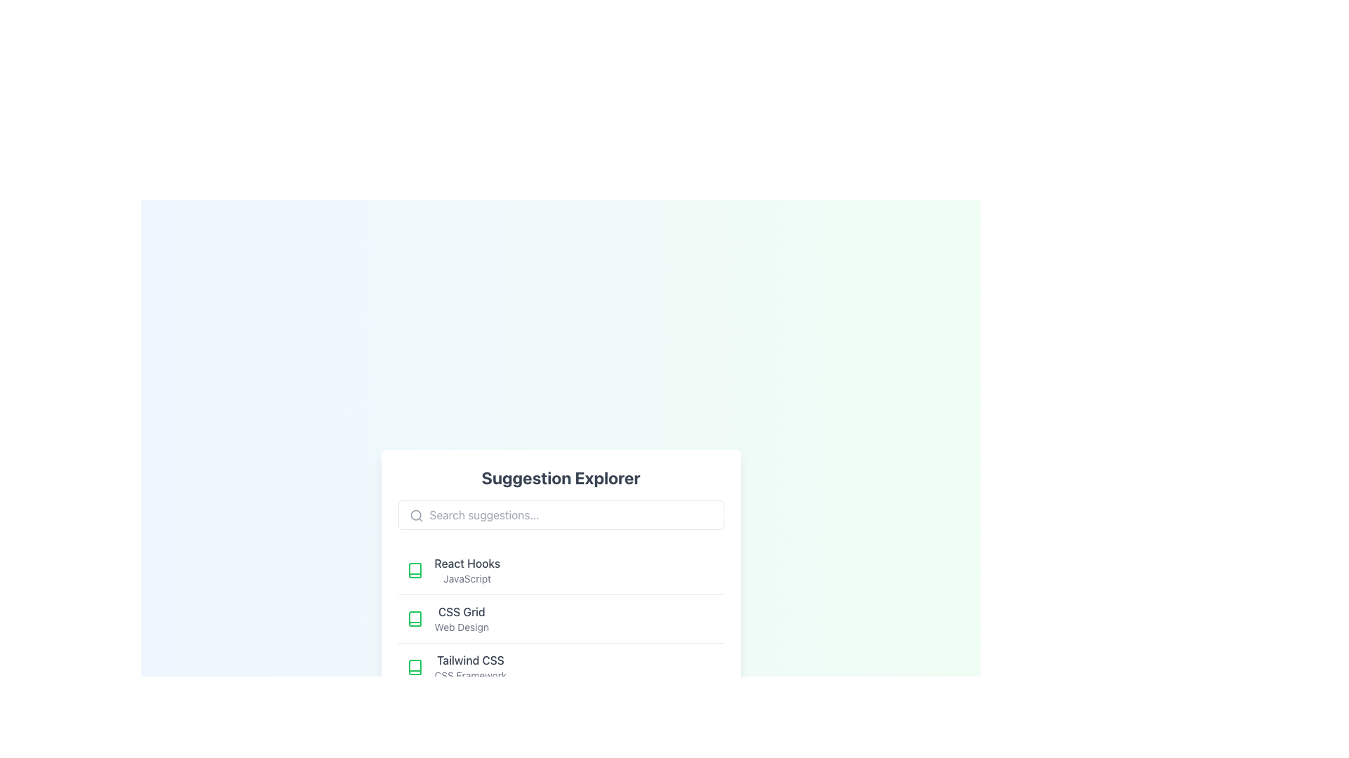  What do you see at coordinates (462, 618) in the screenshot?
I see `the 'CSS Grid' text label, which is the second suggestion in the list under 'Suggestion Explorer', positioned between 'React Hooks' and 'Tailwind CSS'` at bounding box center [462, 618].